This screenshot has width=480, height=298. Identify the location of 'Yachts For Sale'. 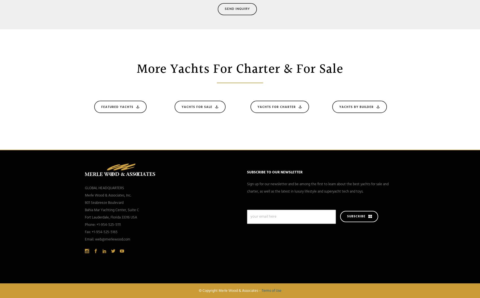
(197, 107).